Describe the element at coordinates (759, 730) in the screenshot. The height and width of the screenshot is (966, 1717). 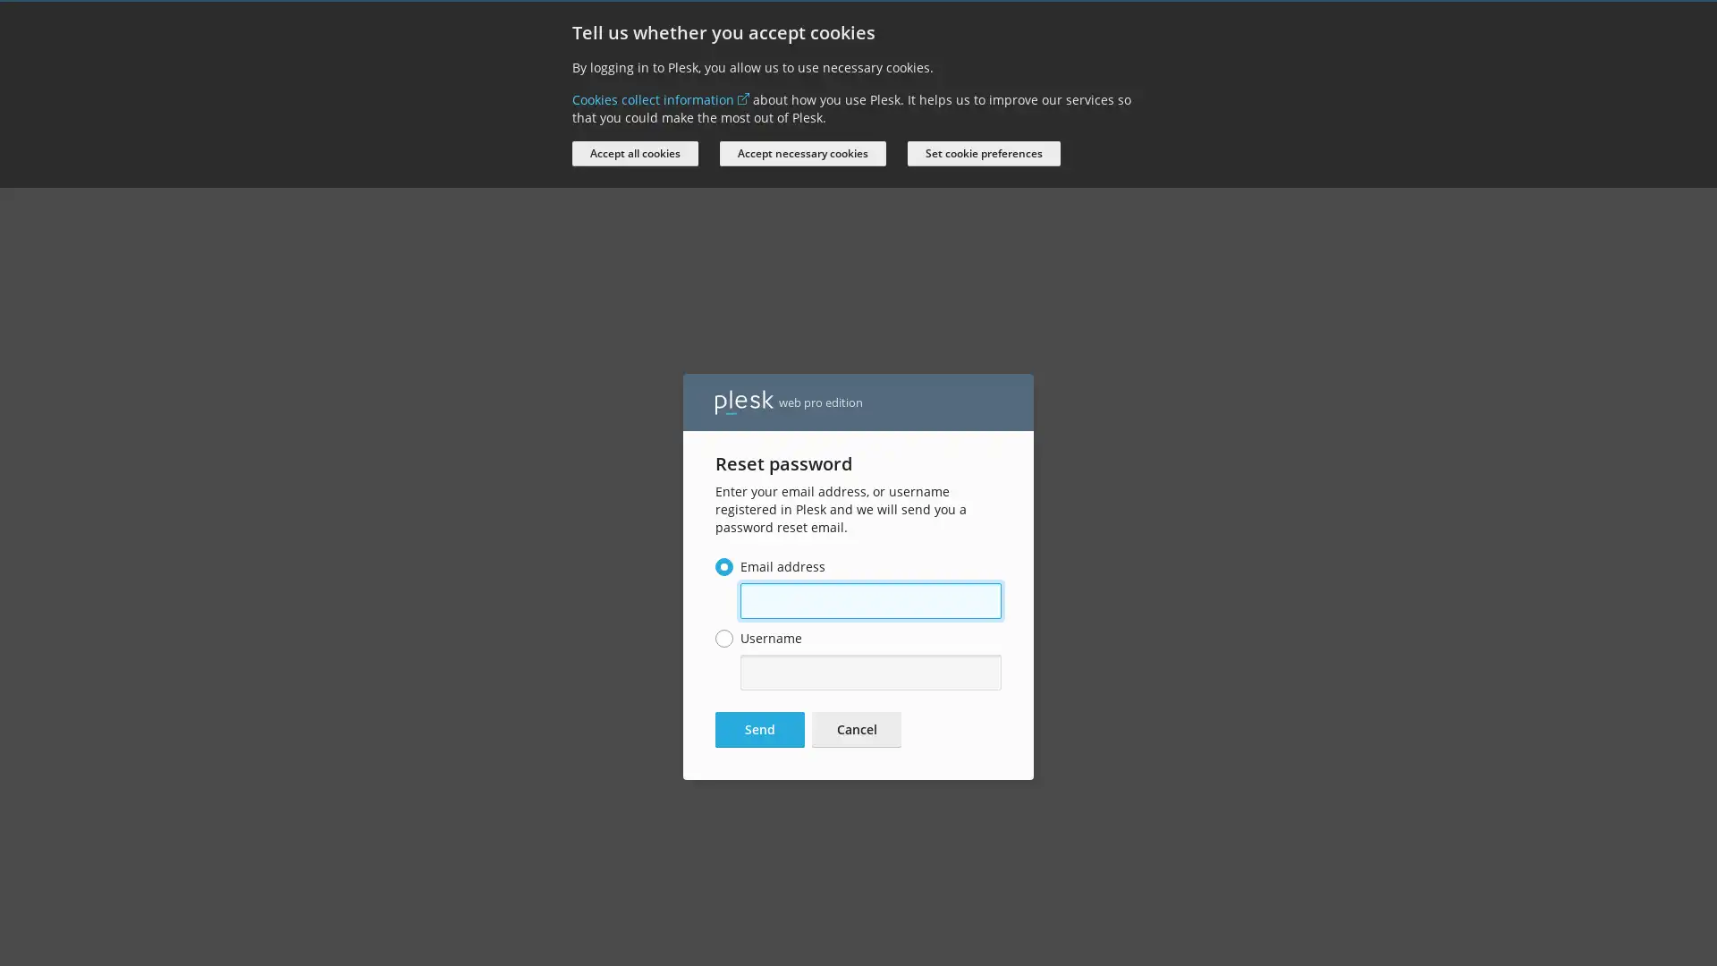
I see `Send` at that location.